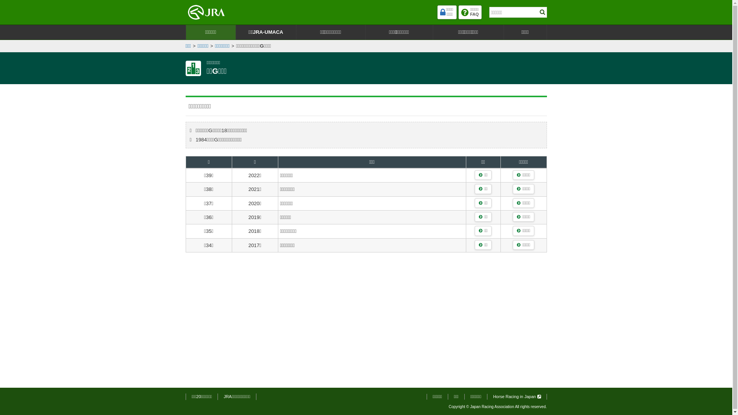 This screenshot has width=738, height=415. Describe the element at coordinates (517, 397) in the screenshot. I see `'Horse Racing in Japan'` at that location.